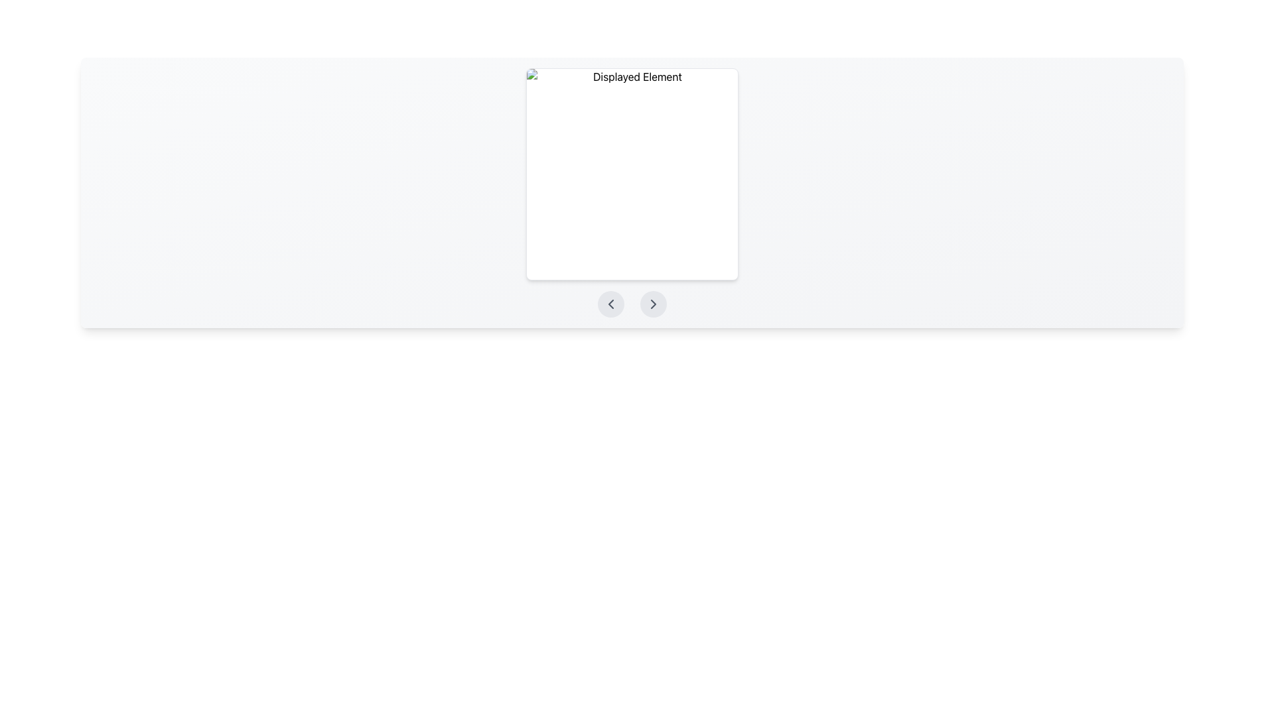 This screenshot has width=1274, height=716. Describe the element at coordinates (610, 304) in the screenshot. I see `the circular button with a gray background and a left-pointing chevron arrow, which is the leftmost button among navigational controls below a displayed item` at that location.